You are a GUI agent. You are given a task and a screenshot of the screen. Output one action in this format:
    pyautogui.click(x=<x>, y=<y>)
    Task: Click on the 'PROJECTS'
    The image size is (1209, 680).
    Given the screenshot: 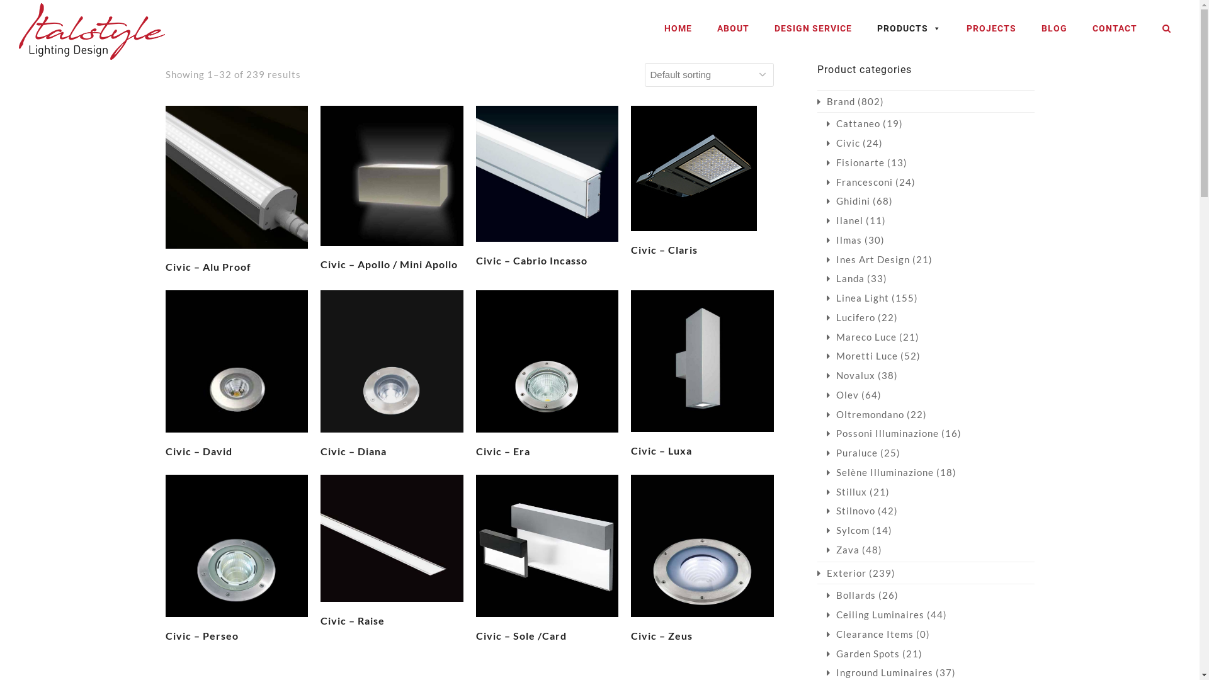 What is the action you would take?
    pyautogui.click(x=990, y=28)
    